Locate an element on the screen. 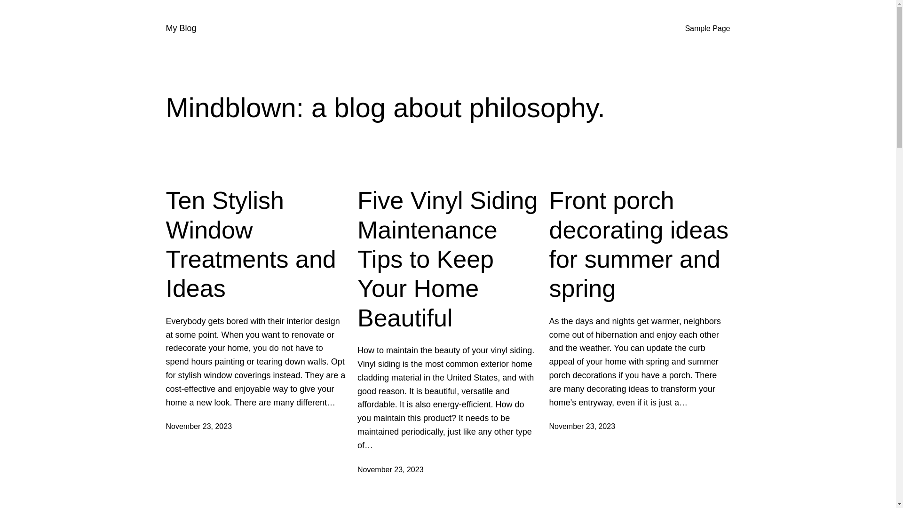 The image size is (903, 508). 'November 23, 2023' is located at coordinates (198, 426).